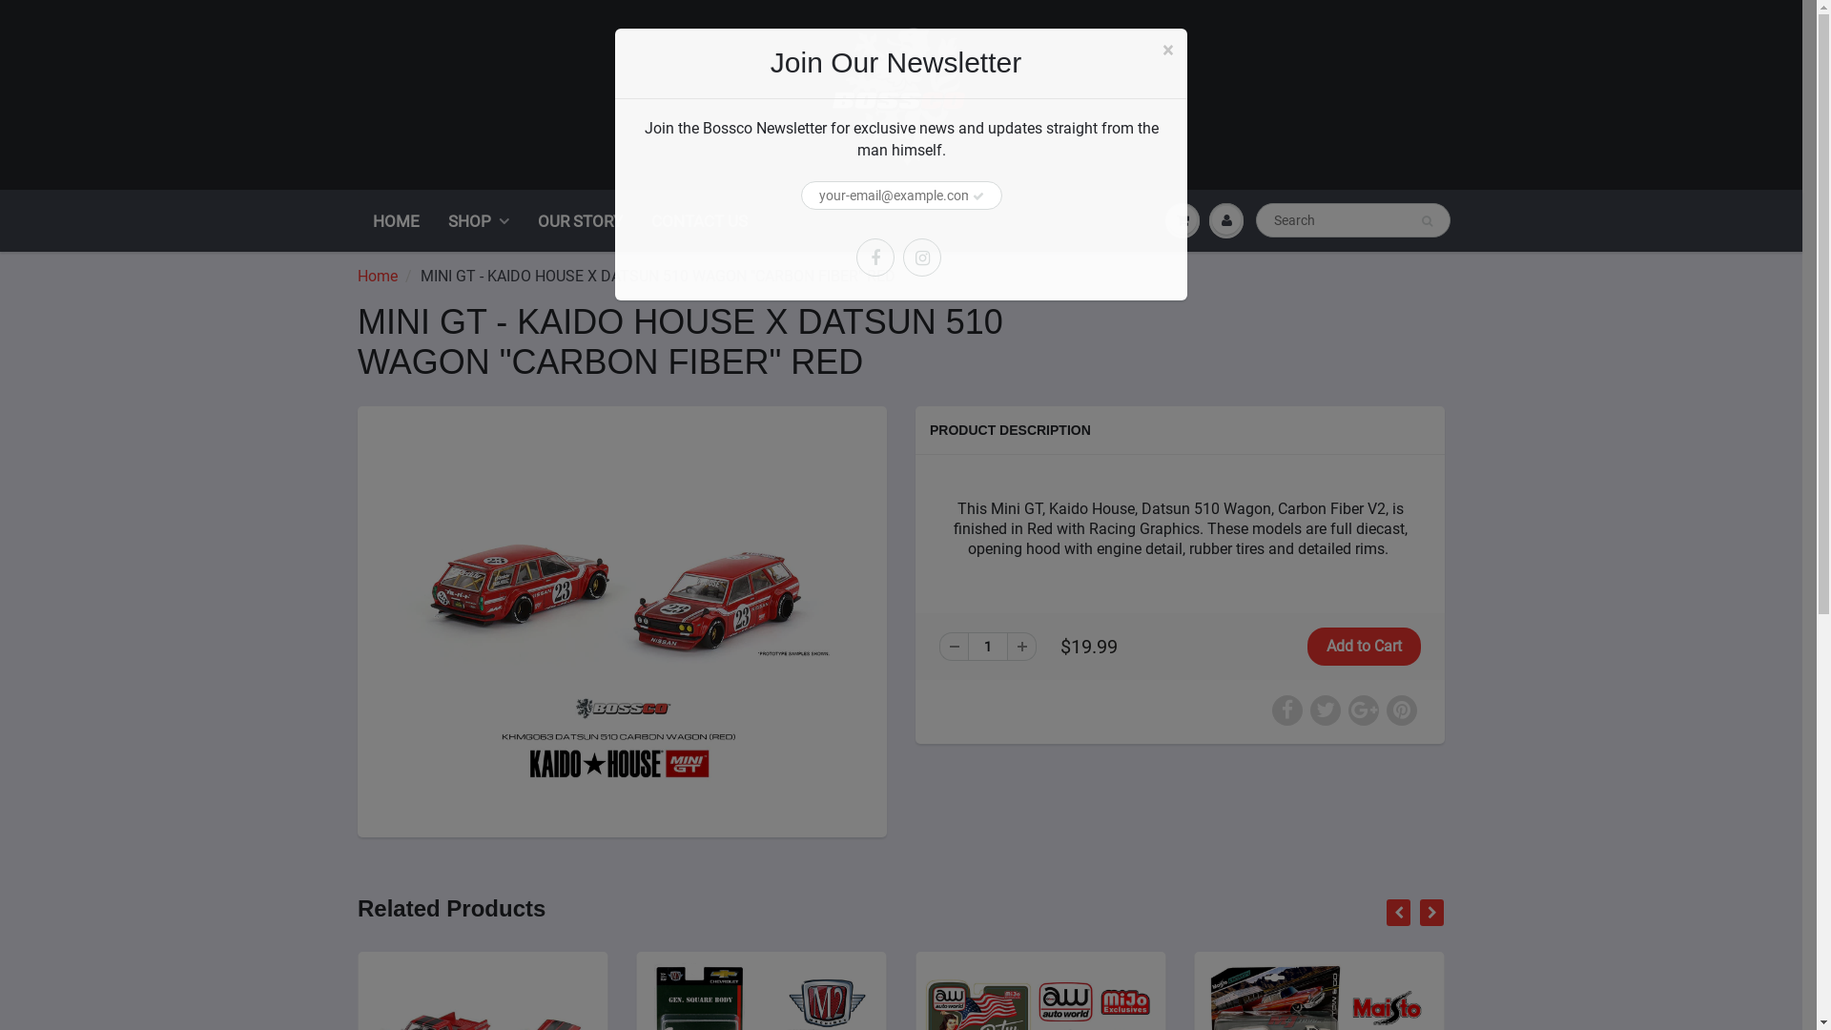  Describe the element at coordinates (579, 219) in the screenshot. I see `'OUR STORY'` at that location.